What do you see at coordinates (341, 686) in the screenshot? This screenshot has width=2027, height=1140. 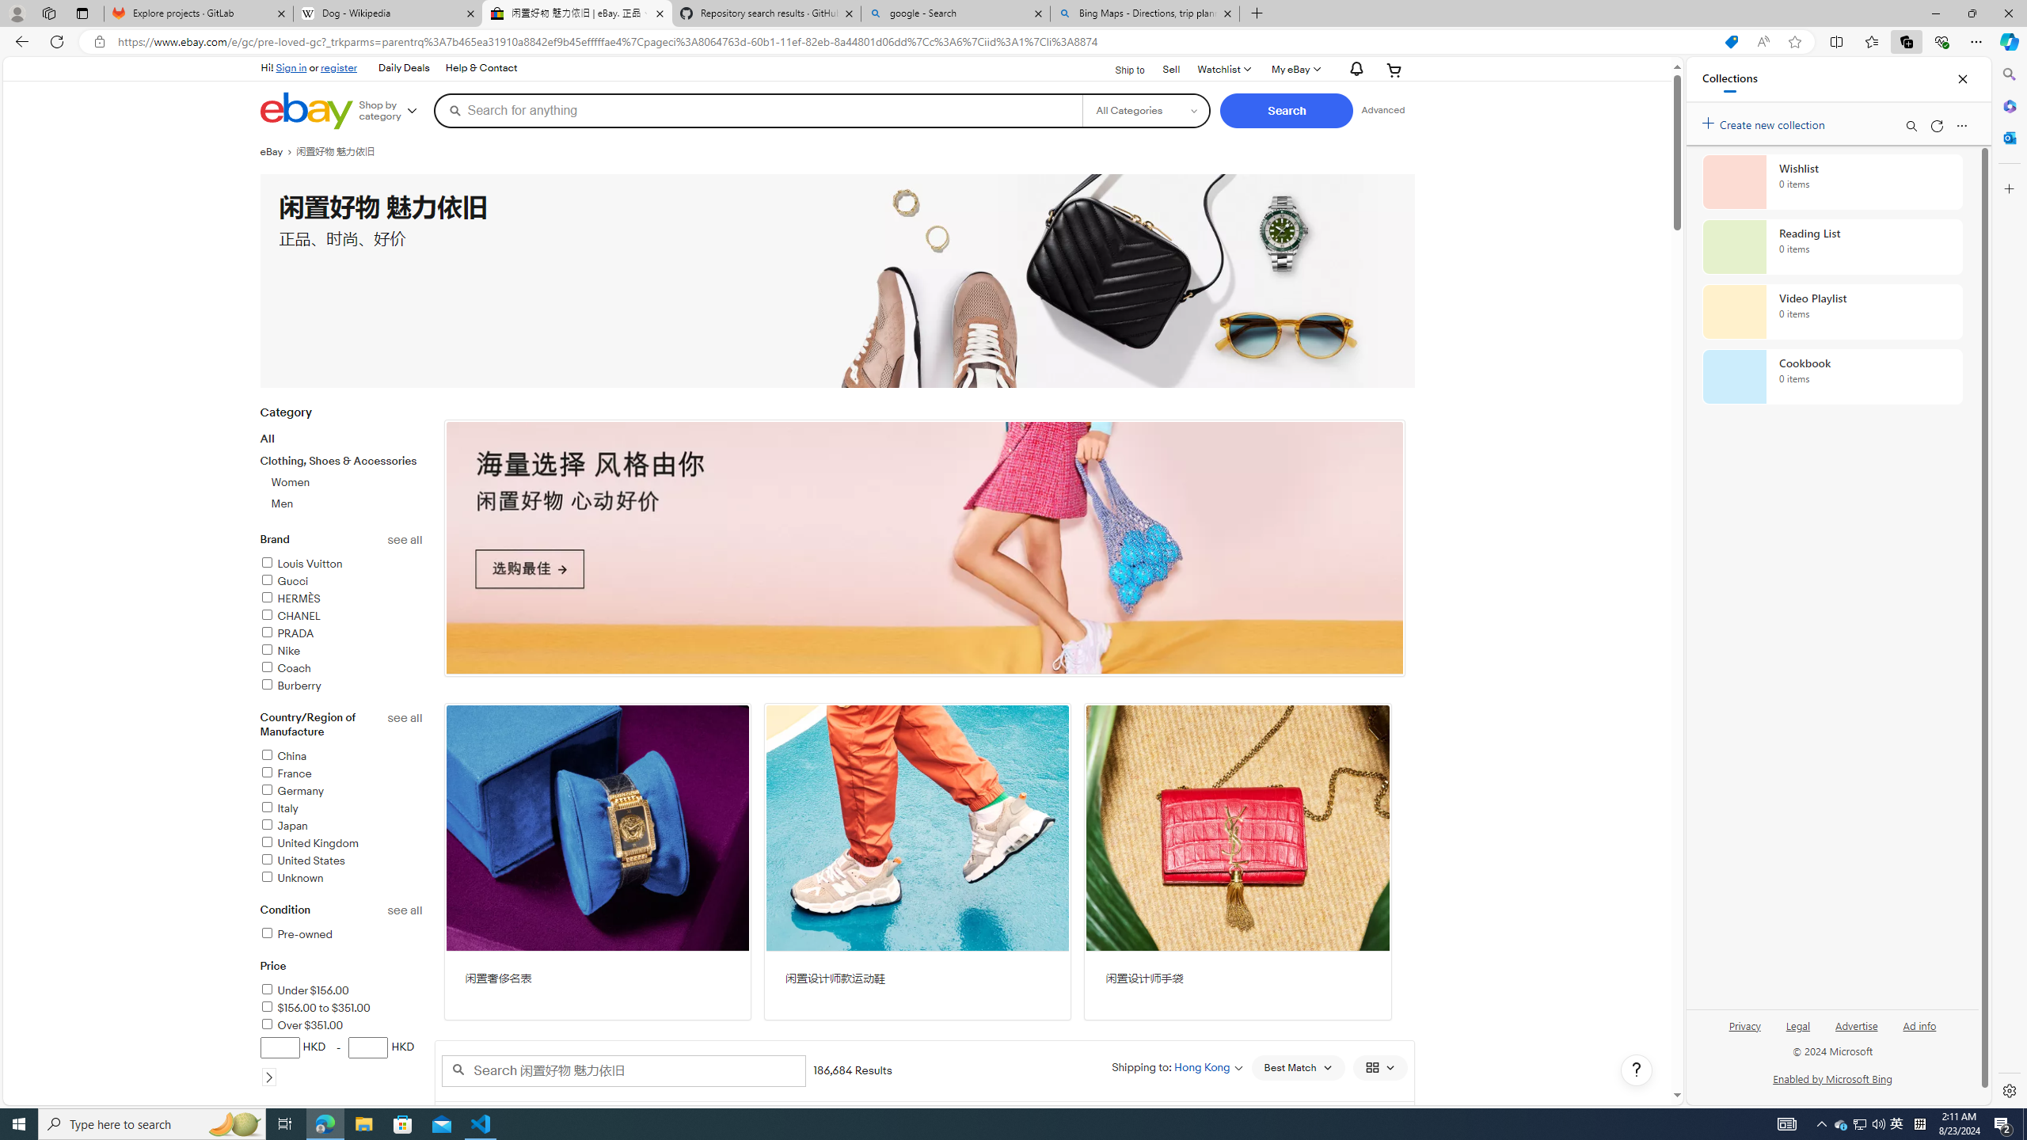 I see `'Burberry'` at bounding box center [341, 686].